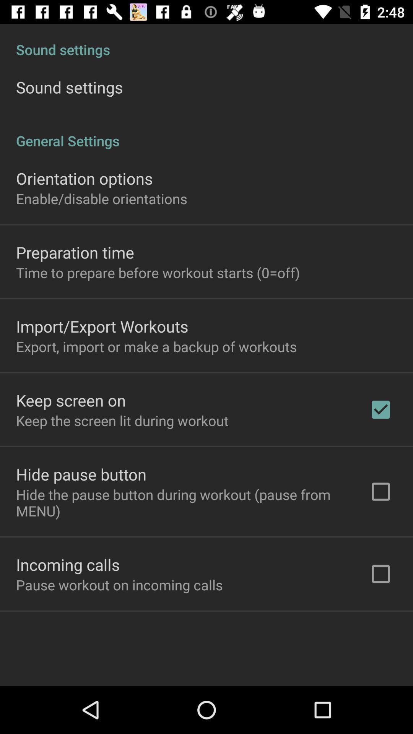 The width and height of the screenshot is (413, 734). Describe the element at coordinates (206, 133) in the screenshot. I see `icon above orientation options icon` at that location.